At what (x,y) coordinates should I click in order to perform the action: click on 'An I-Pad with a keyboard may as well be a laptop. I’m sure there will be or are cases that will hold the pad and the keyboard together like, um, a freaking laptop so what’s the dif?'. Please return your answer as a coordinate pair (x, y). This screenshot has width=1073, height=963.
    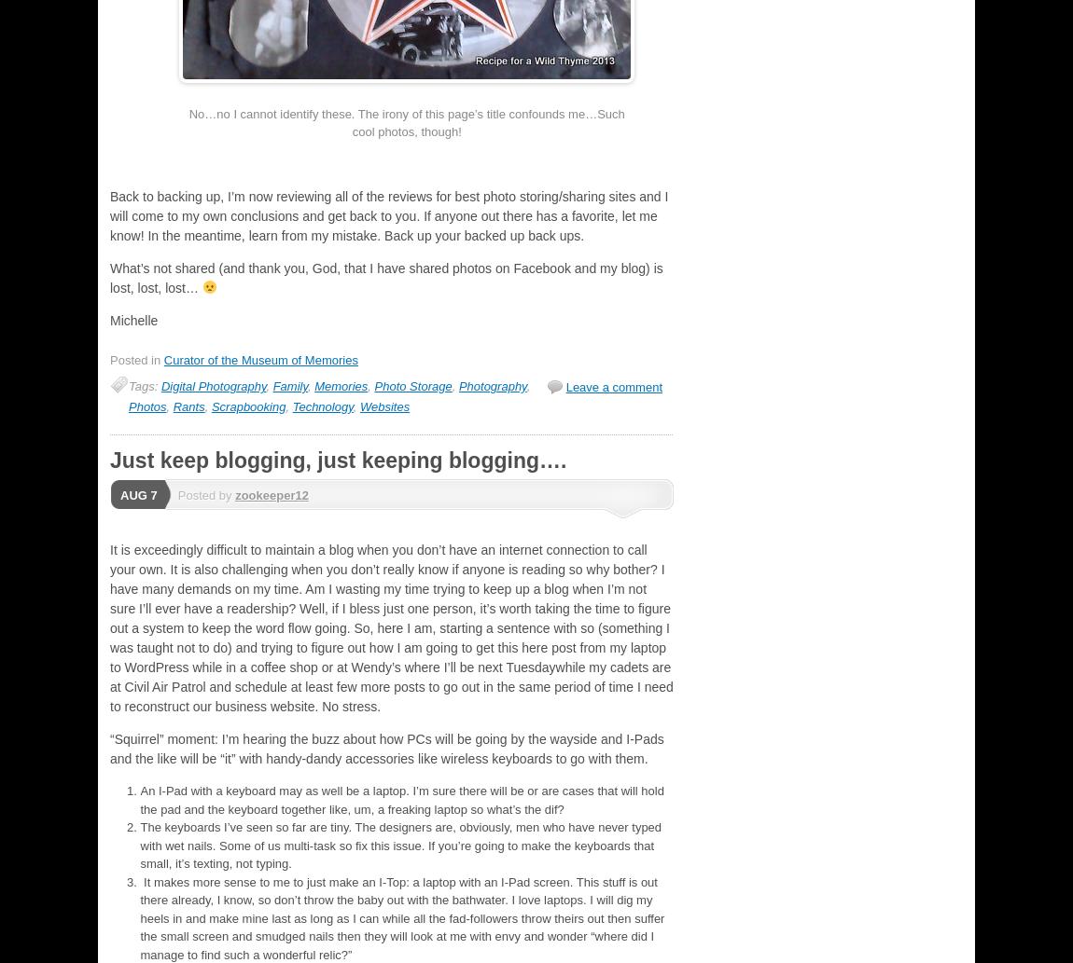
    Looking at the image, I should click on (401, 800).